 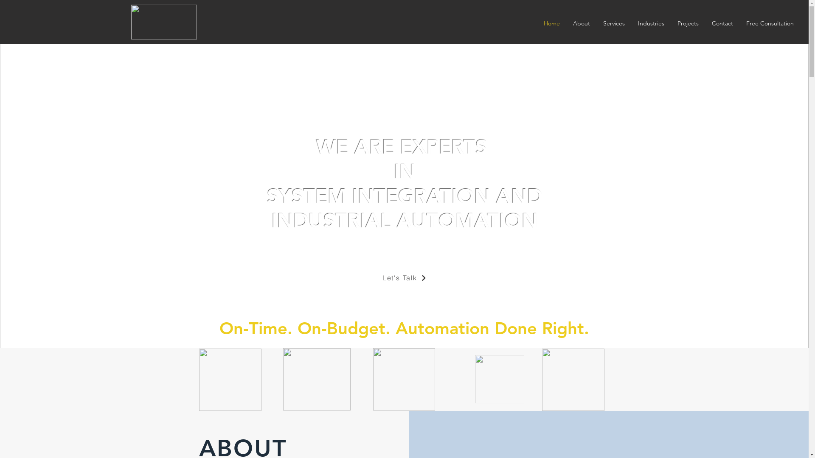 What do you see at coordinates (163, 21) in the screenshot?
I see `'400dpiLogoCropped_edited.png'` at bounding box center [163, 21].